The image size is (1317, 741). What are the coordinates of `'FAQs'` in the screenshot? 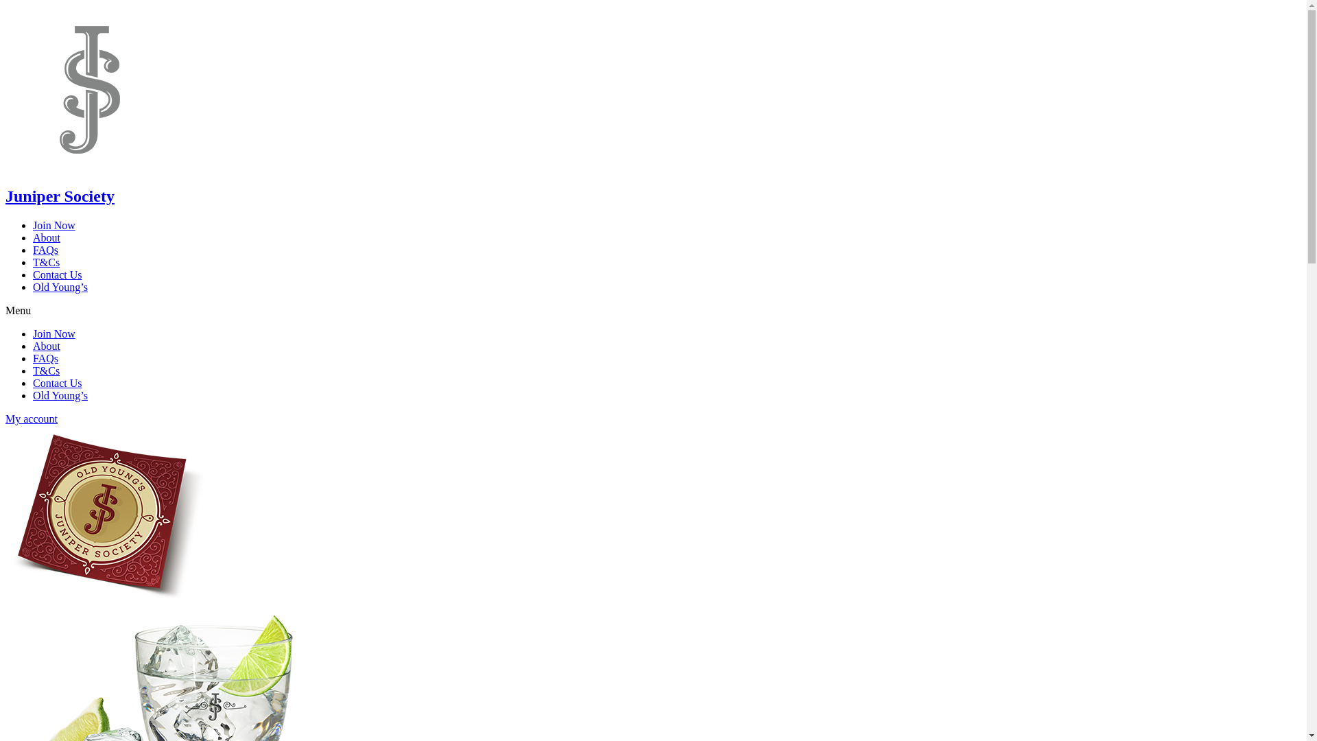 It's located at (45, 357).